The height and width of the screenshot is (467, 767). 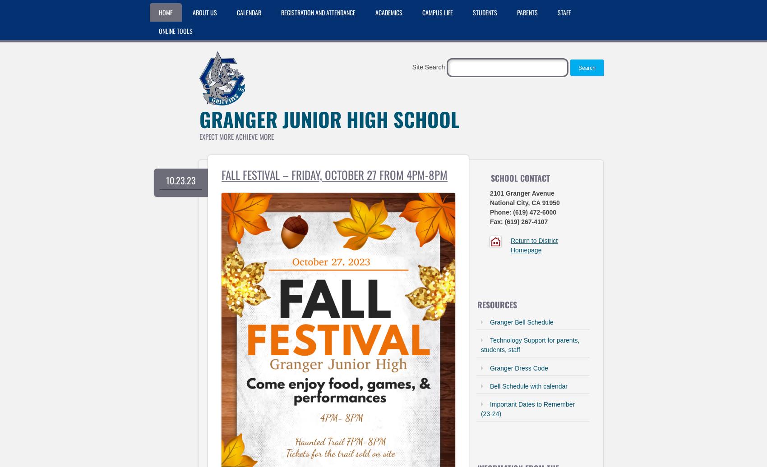 What do you see at coordinates (520, 177) in the screenshot?
I see `'School Contact'` at bounding box center [520, 177].